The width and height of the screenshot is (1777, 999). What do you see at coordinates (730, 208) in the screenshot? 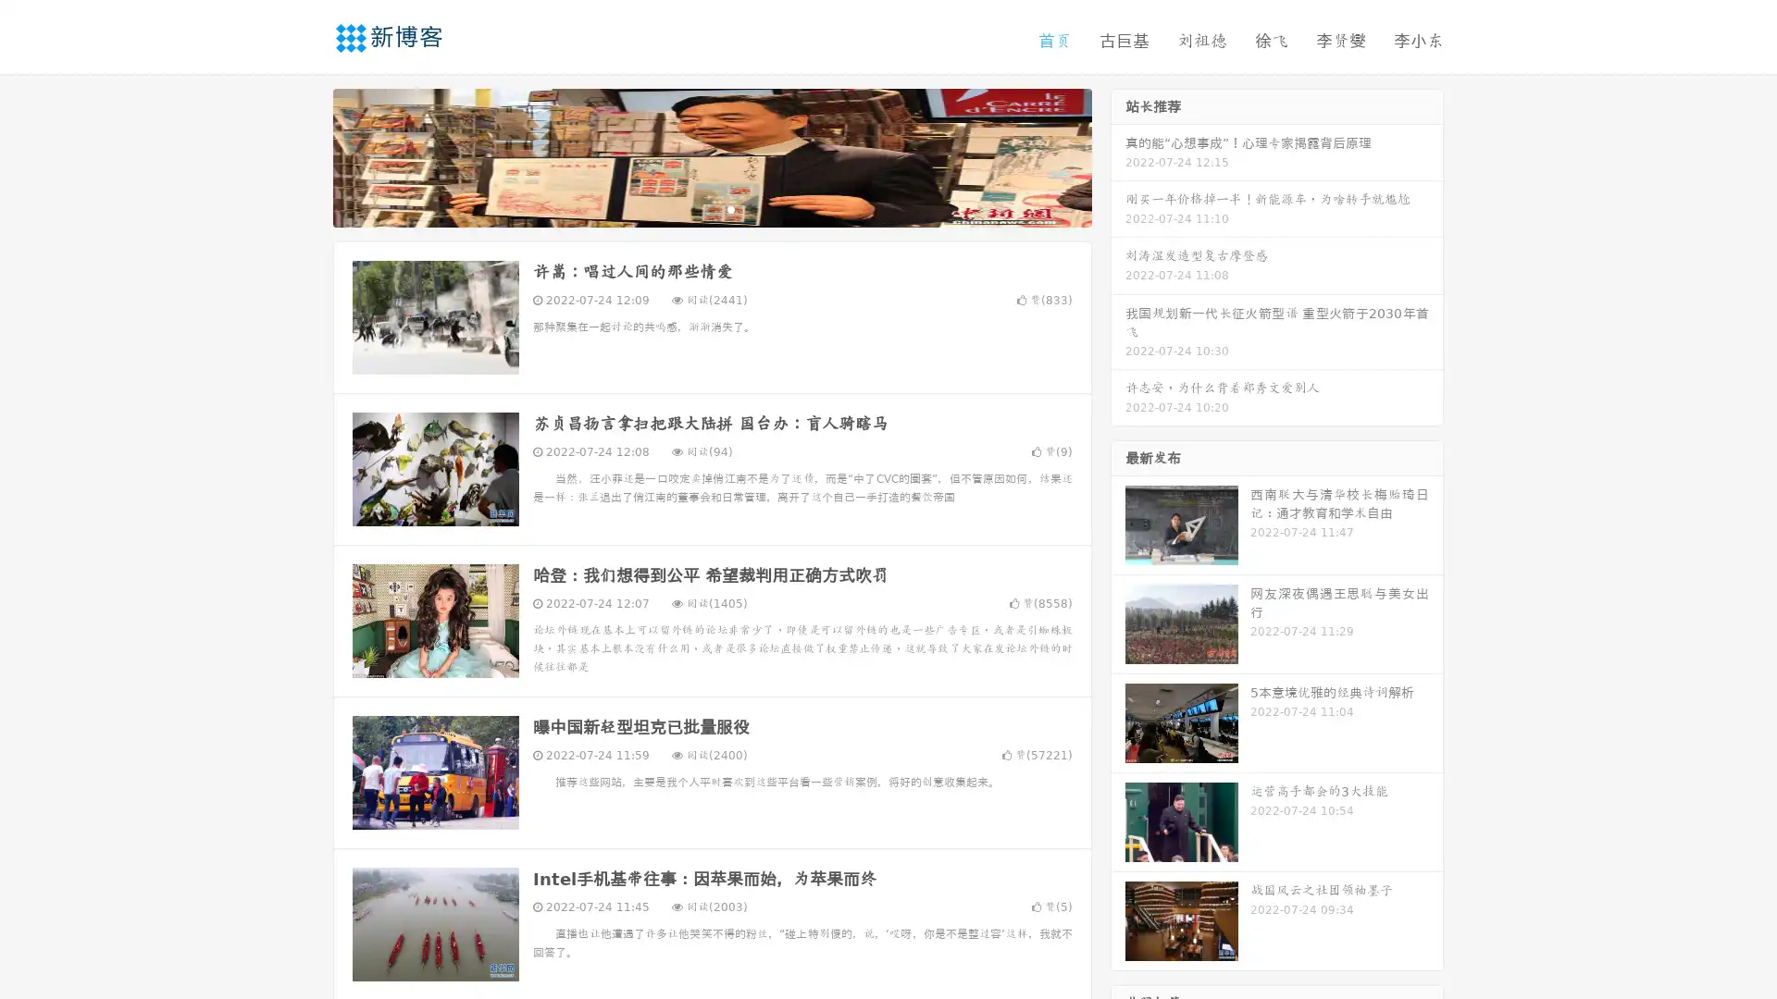
I see `Go to slide 3` at bounding box center [730, 208].